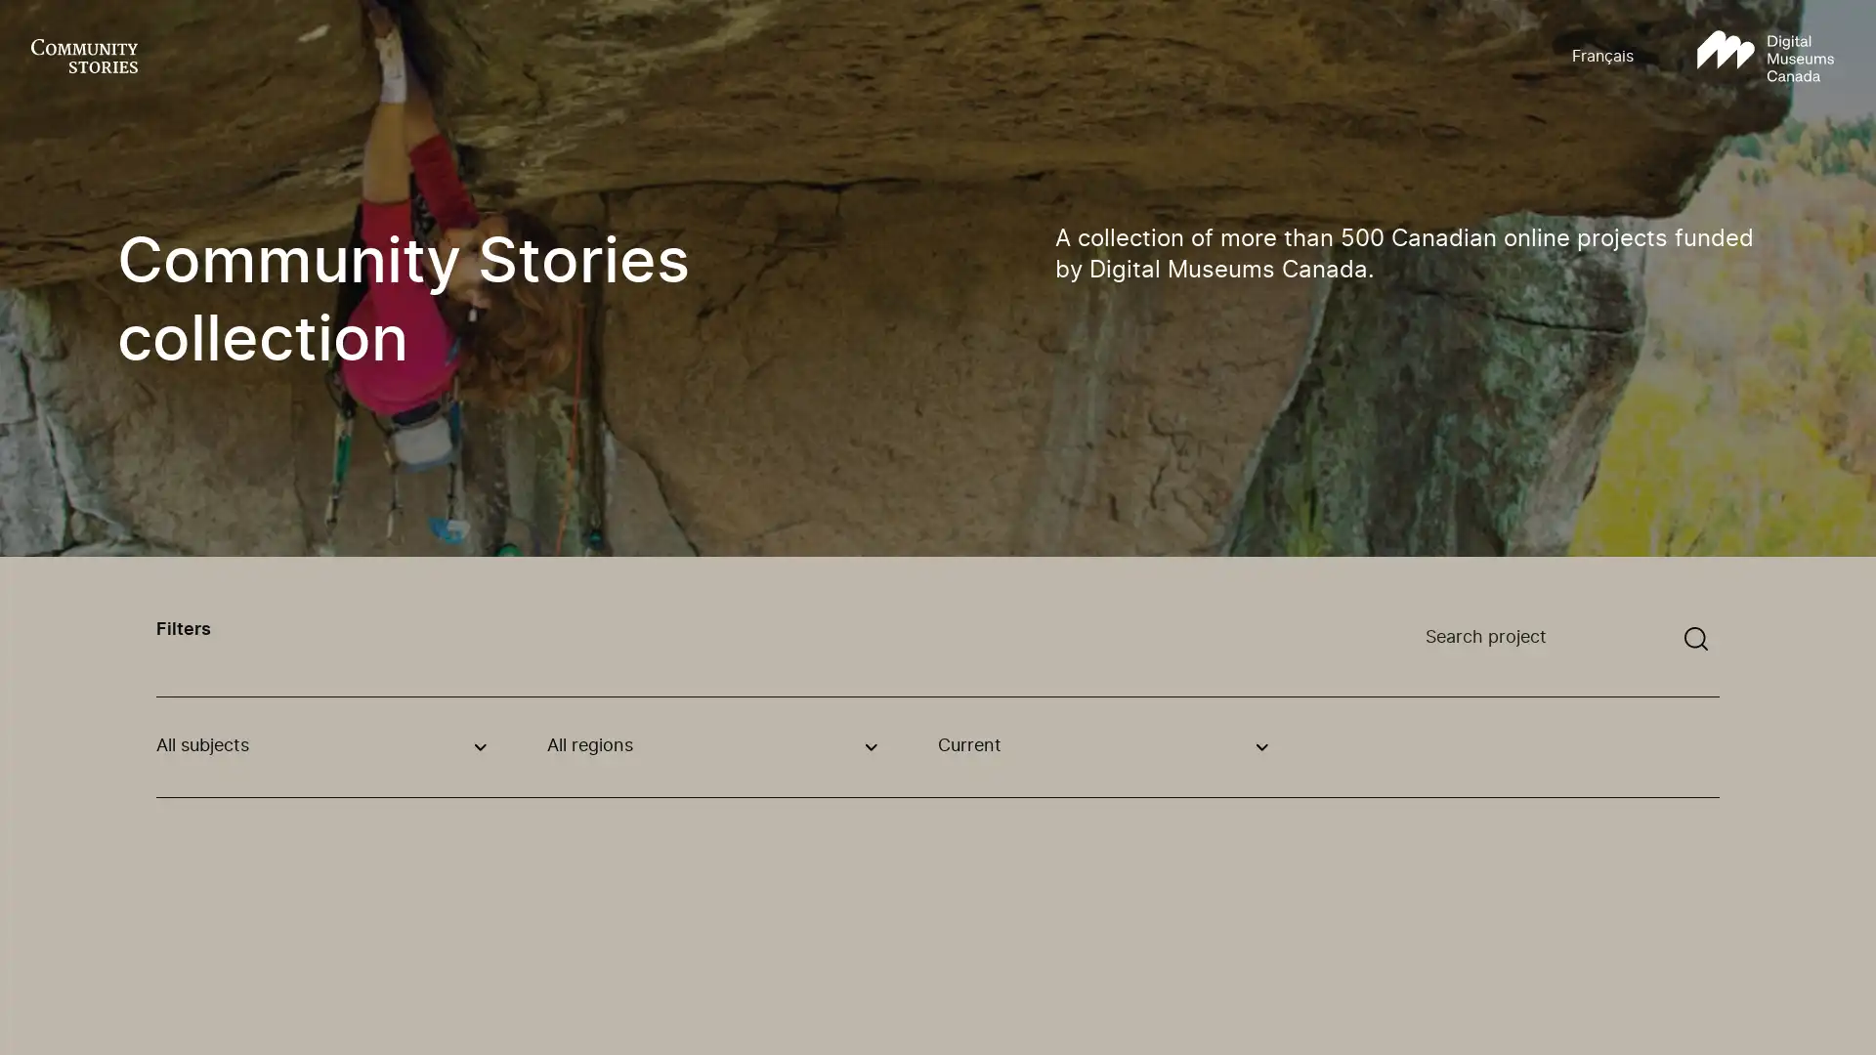 This screenshot has height=1055, width=1876. I want to click on Go to Digital Museums Canada website, so click(1765, 56).